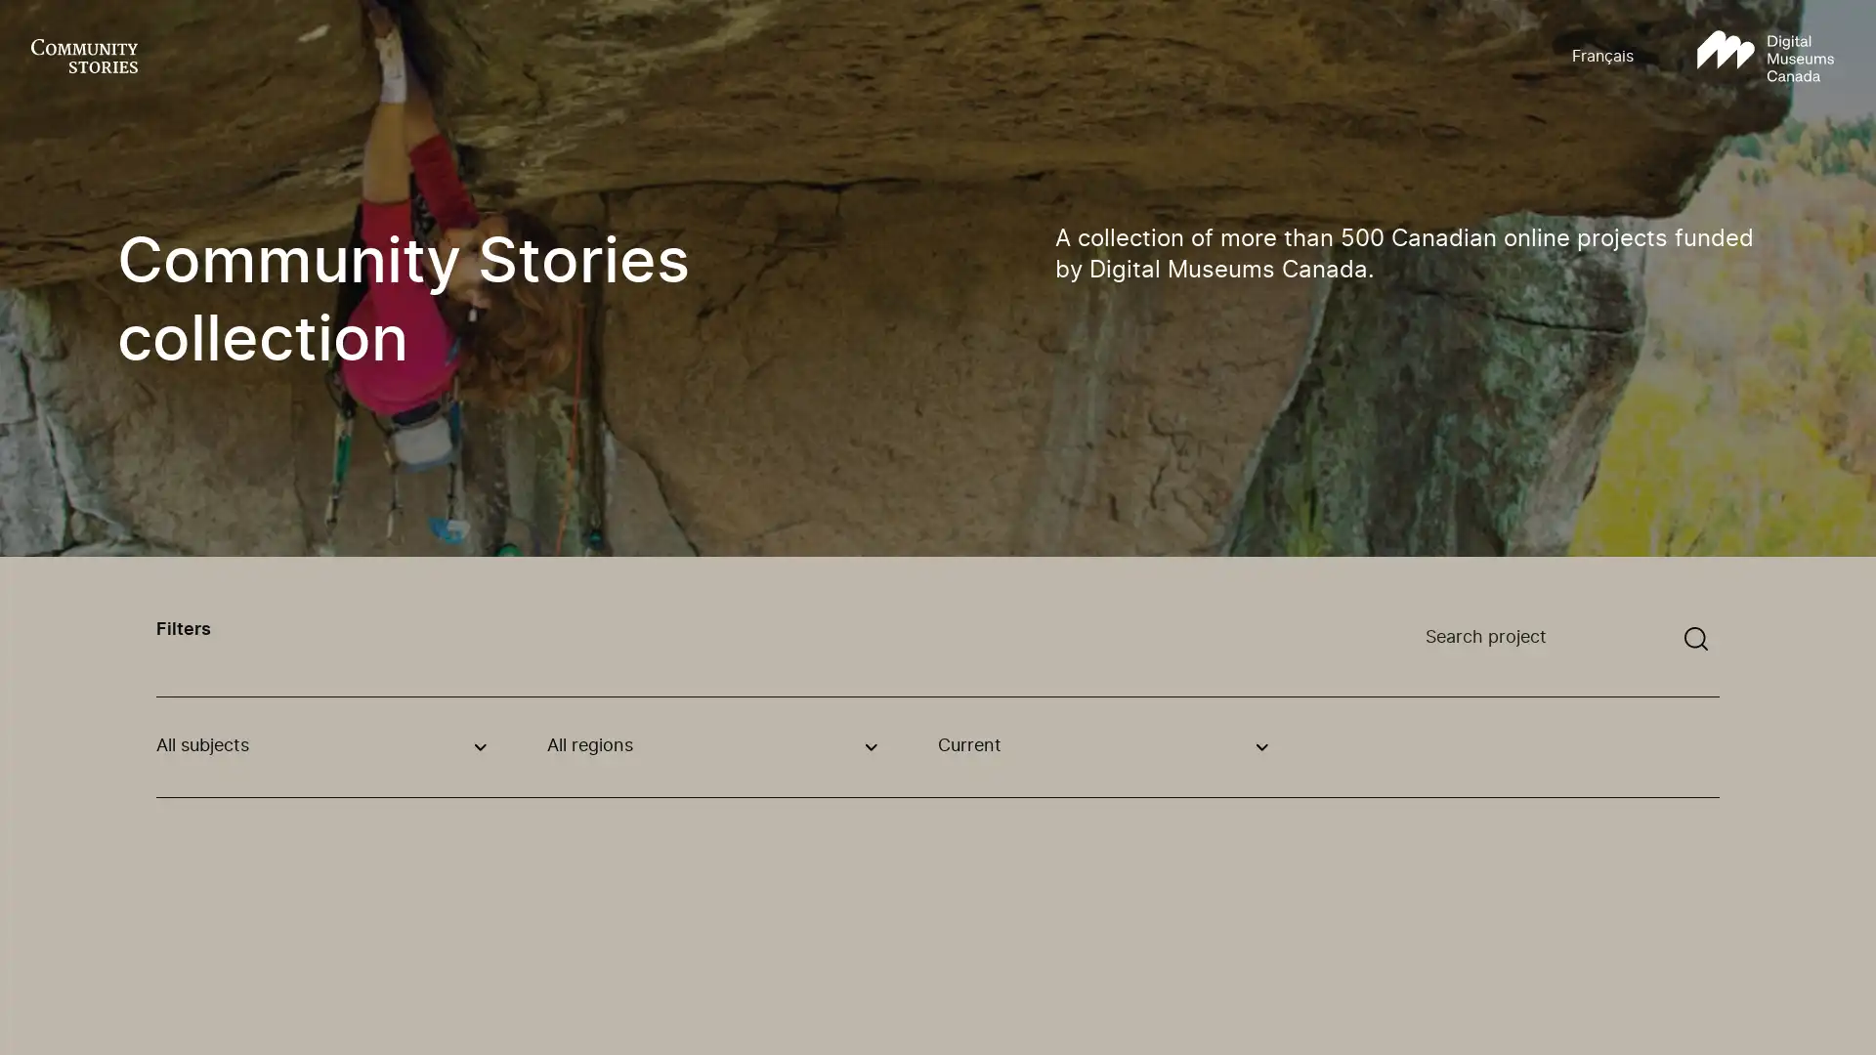 This screenshot has height=1055, width=1876. I want to click on Go to Digital Museums Canada website, so click(1765, 56).